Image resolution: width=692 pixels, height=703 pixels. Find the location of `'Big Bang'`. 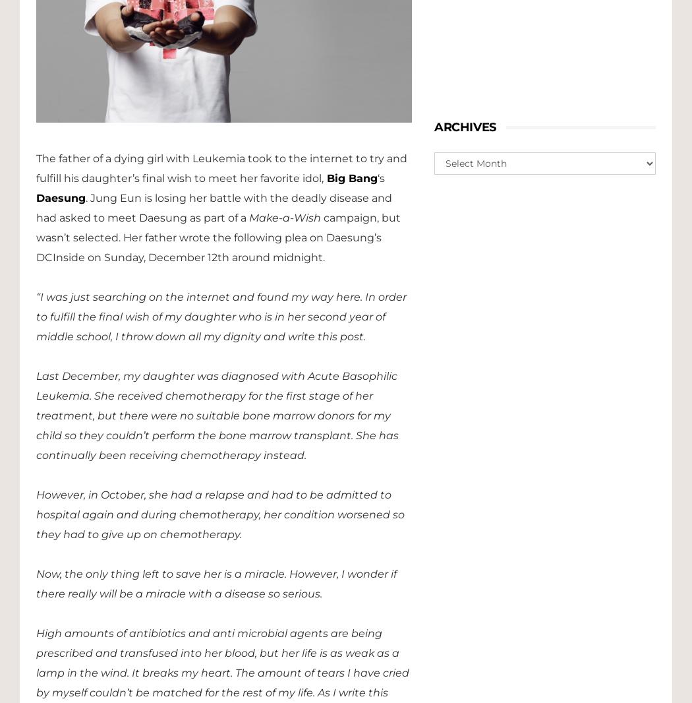

'Big Bang' is located at coordinates (351, 177).